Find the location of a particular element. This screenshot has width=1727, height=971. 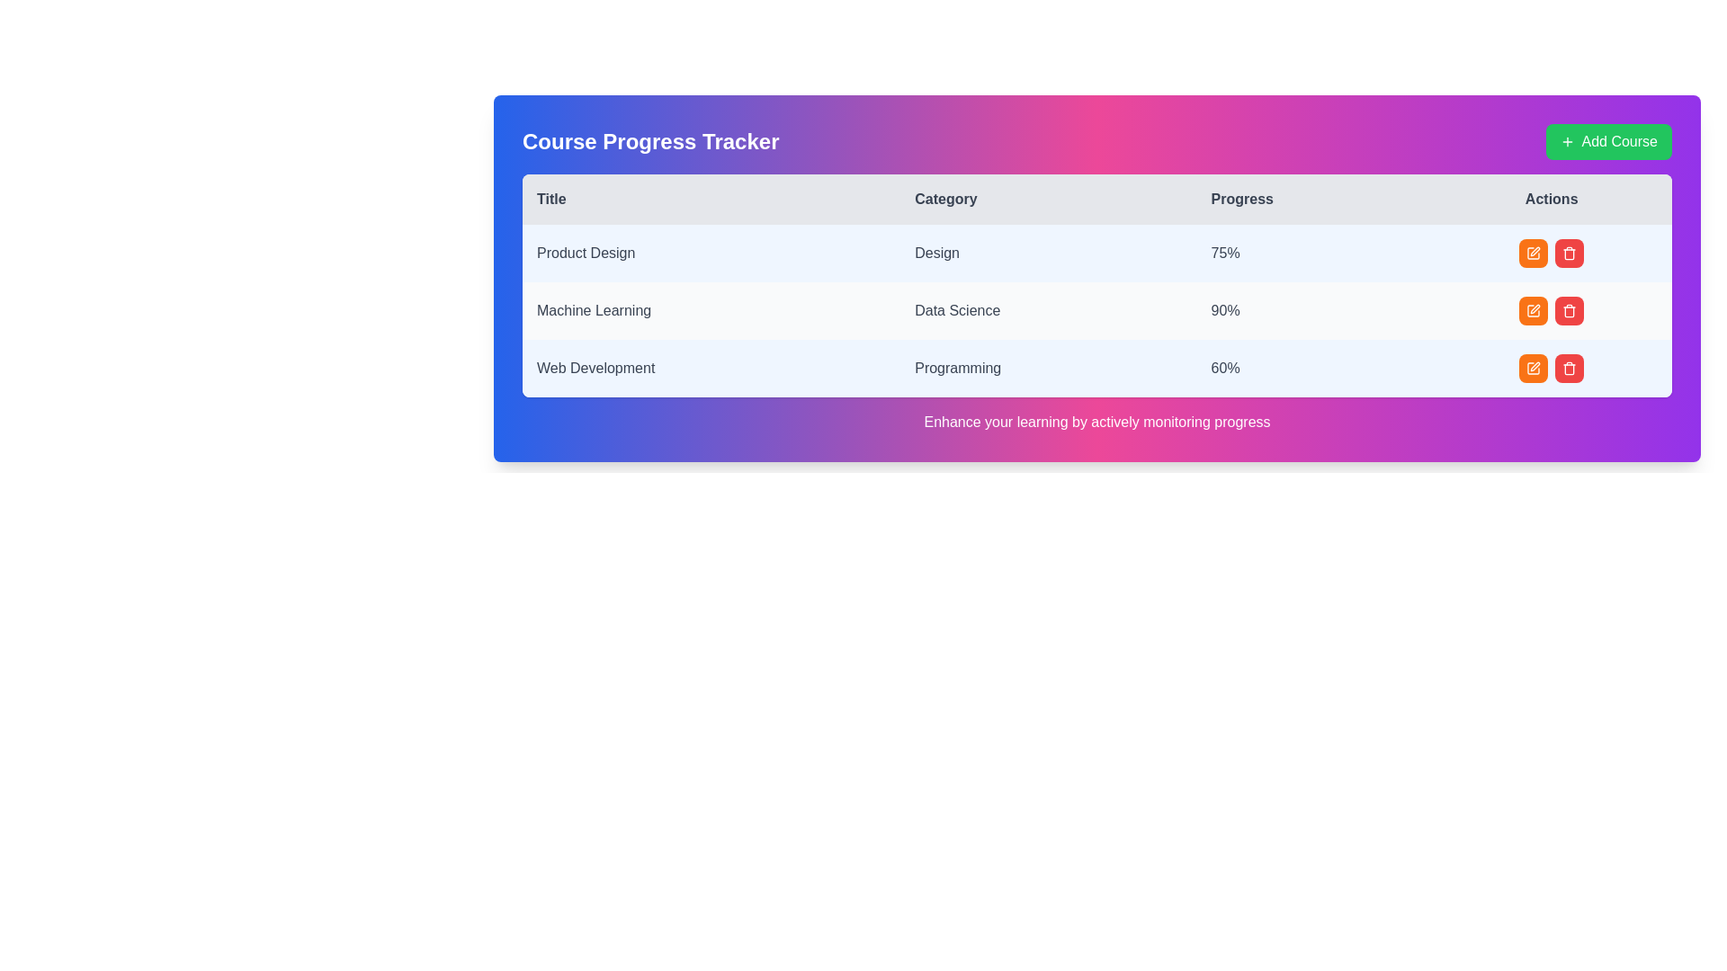

the small square pen icon within the orange circular button located under the 'Actions' column in the second row of the table under 'Machine Learning' in the 'Course Progress Tracker' panel is located at coordinates (1533, 310).